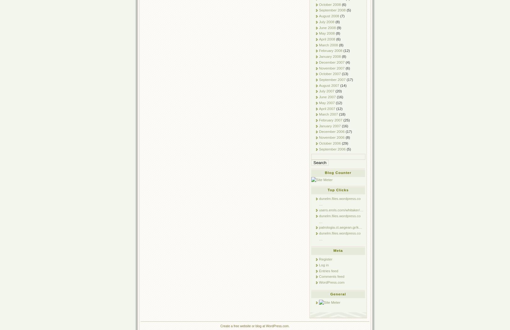 This screenshot has height=330, width=510. What do you see at coordinates (331, 276) in the screenshot?
I see `'Comments feed'` at bounding box center [331, 276].